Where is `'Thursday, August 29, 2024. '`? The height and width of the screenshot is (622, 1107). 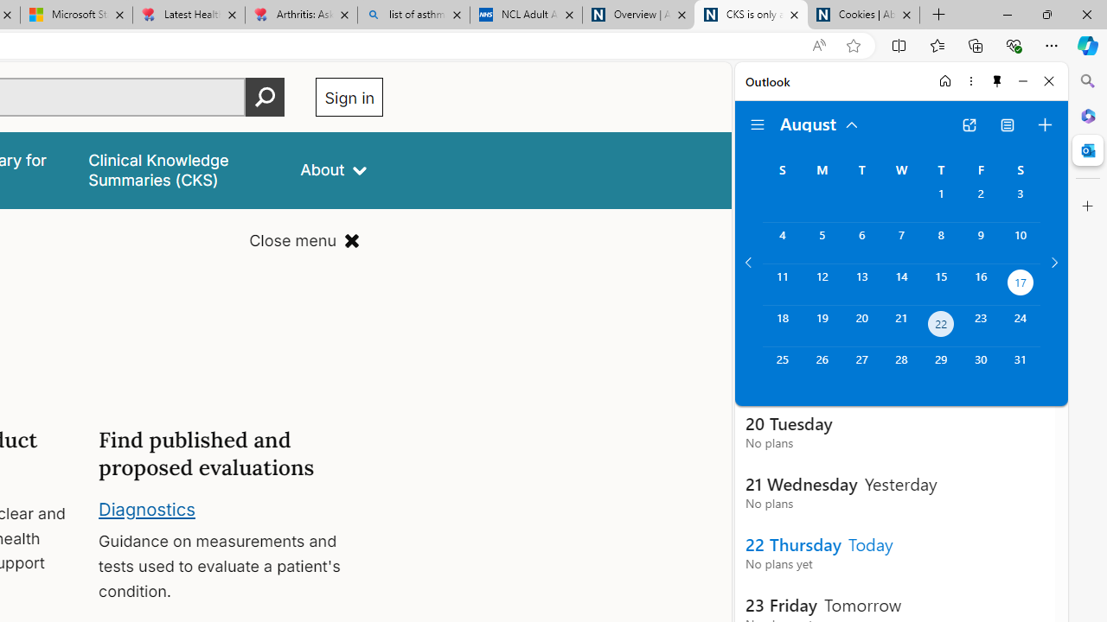
'Thursday, August 29, 2024. ' is located at coordinates (940, 366).